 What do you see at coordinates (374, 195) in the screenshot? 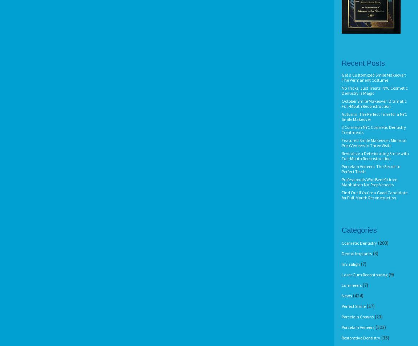
I see `'Find Out If You're a Good Candidate for Full-Mouth Reconstruction'` at bounding box center [374, 195].